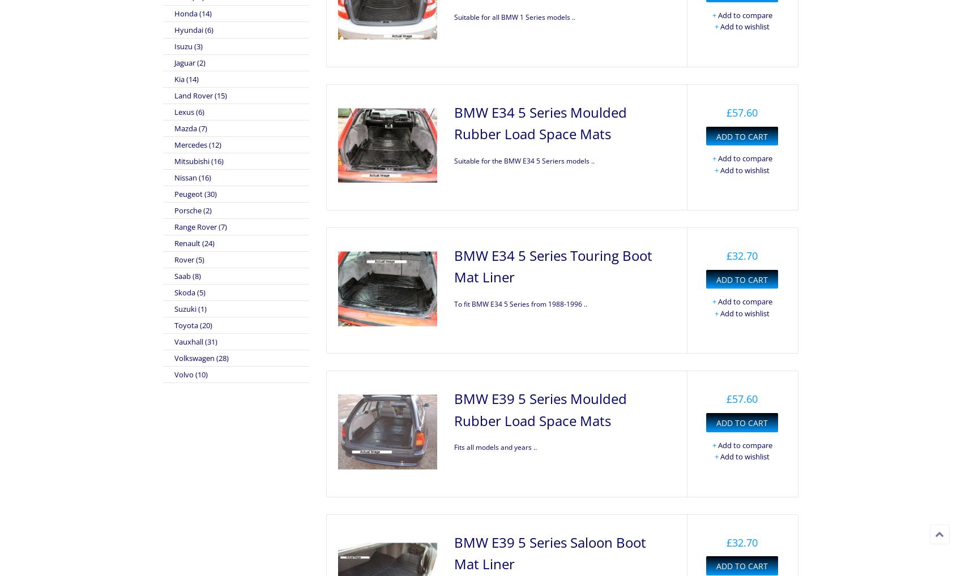 The image size is (961, 576). What do you see at coordinates (540, 122) in the screenshot?
I see `'BMW E34 5 Series Moulded Rubber Load Space Mats'` at bounding box center [540, 122].